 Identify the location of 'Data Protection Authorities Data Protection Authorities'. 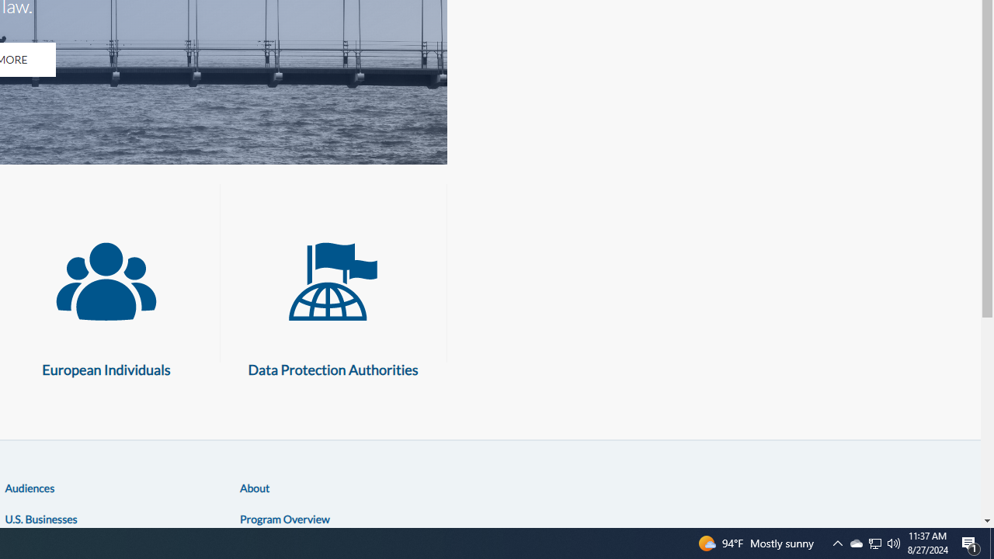
(332, 302).